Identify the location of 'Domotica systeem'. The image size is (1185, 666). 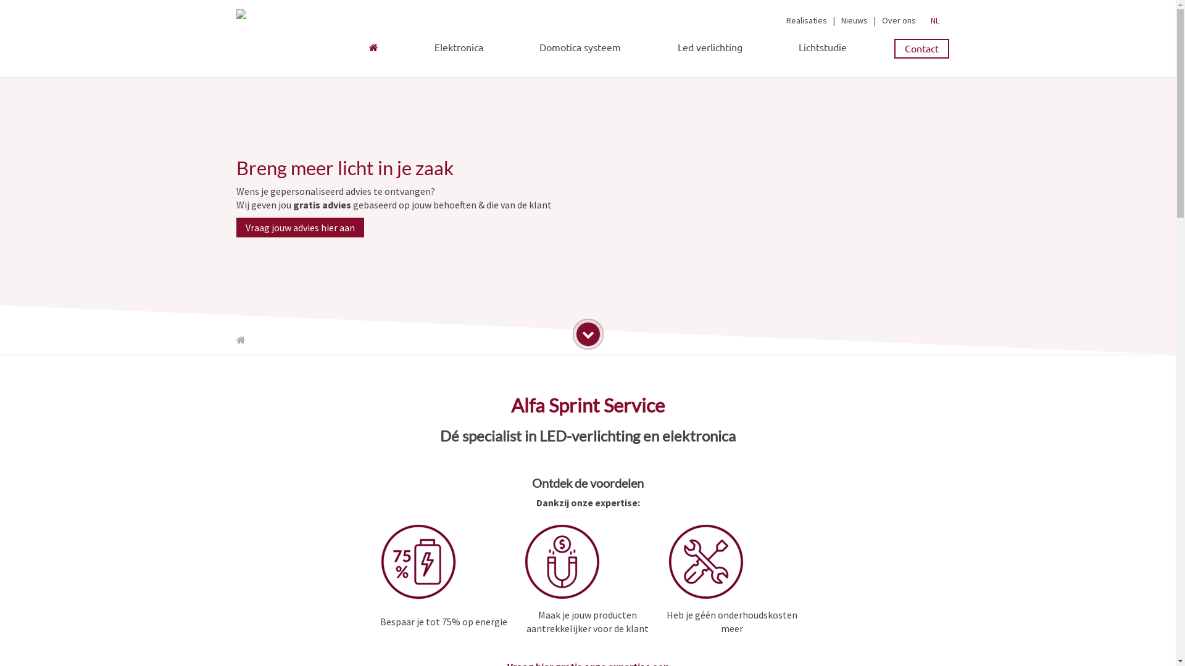
(580, 47).